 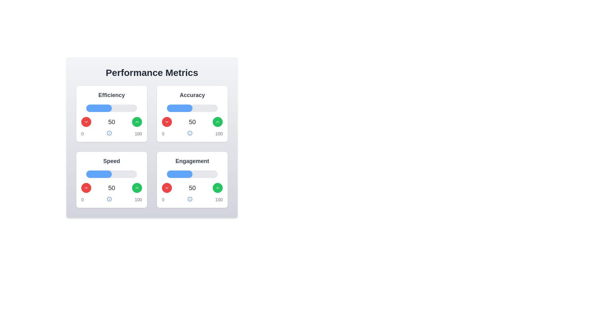 What do you see at coordinates (109, 133) in the screenshot?
I see `the Icon representing additional information in the Efficiency card, located in the top-left quadrant of the Performance Metrics section, near the center below the number '50'` at bounding box center [109, 133].